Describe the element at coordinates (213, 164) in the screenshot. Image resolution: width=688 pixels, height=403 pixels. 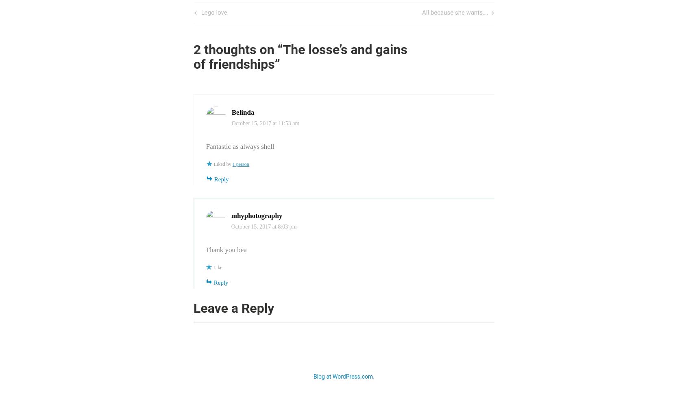
I see `'Liked by'` at that location.